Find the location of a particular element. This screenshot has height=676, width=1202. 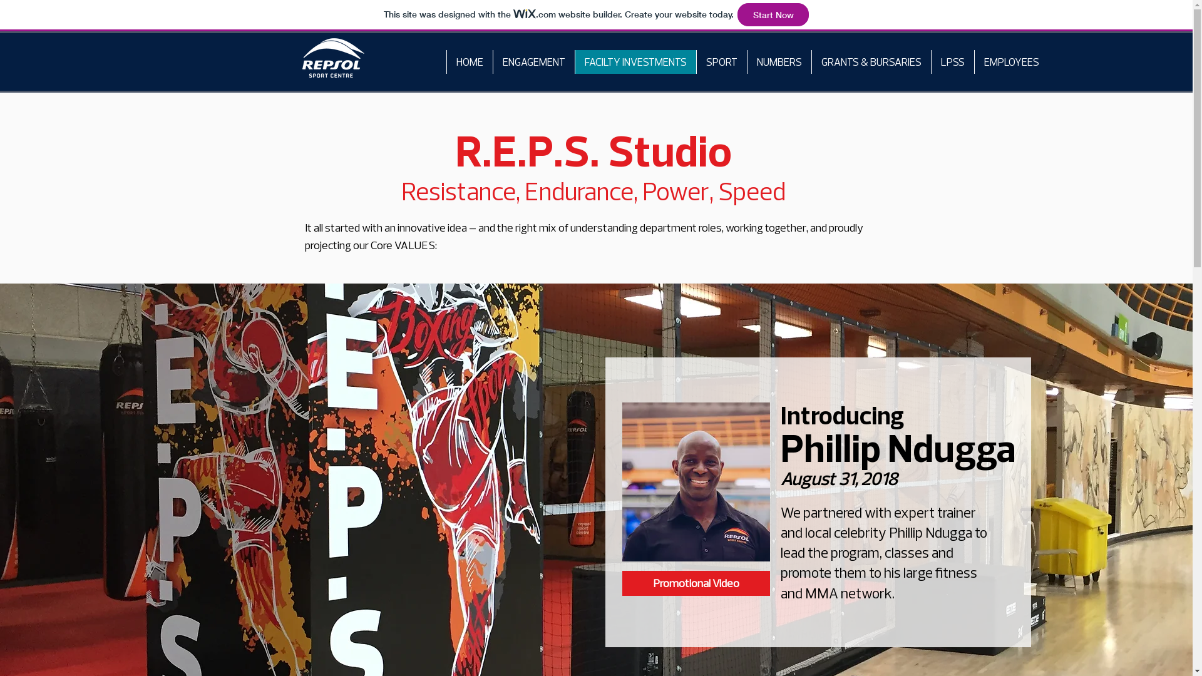

'Promotional Video' is located at coordinates (696, 583).